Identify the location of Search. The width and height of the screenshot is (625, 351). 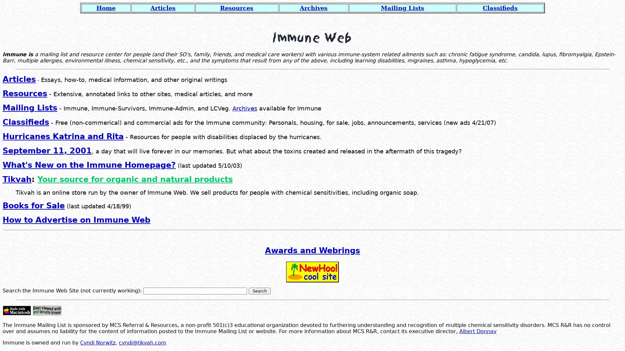
(259, 290).